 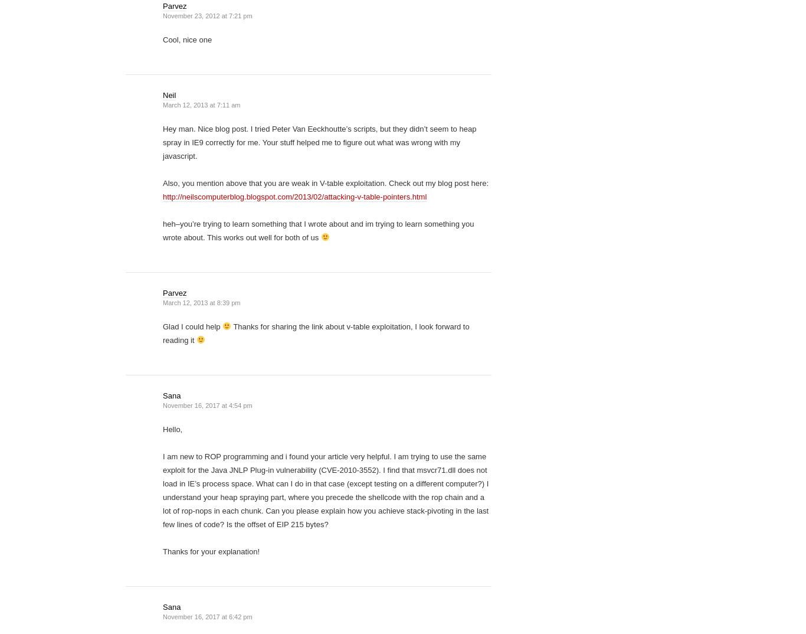 I want to click on 'I am new to ROP programming and i found your article very helpful. I am trying to use the same exploit for the Java JNLP Plug-in vulnerability (CVE-2010-3552). I find that msvcr71.dll does not load in IE’s process space. What can I do in that case (except testing on a different computer?) I understand your heap spraying part, where you precede the shellcode with the rop chain and a lot of rop-nops in each chunk. Can you please explain how you achieve stack-pivoting in the last few lines of code? Is the offset of EIP 215 bytes?', so click(x=326, y=490).